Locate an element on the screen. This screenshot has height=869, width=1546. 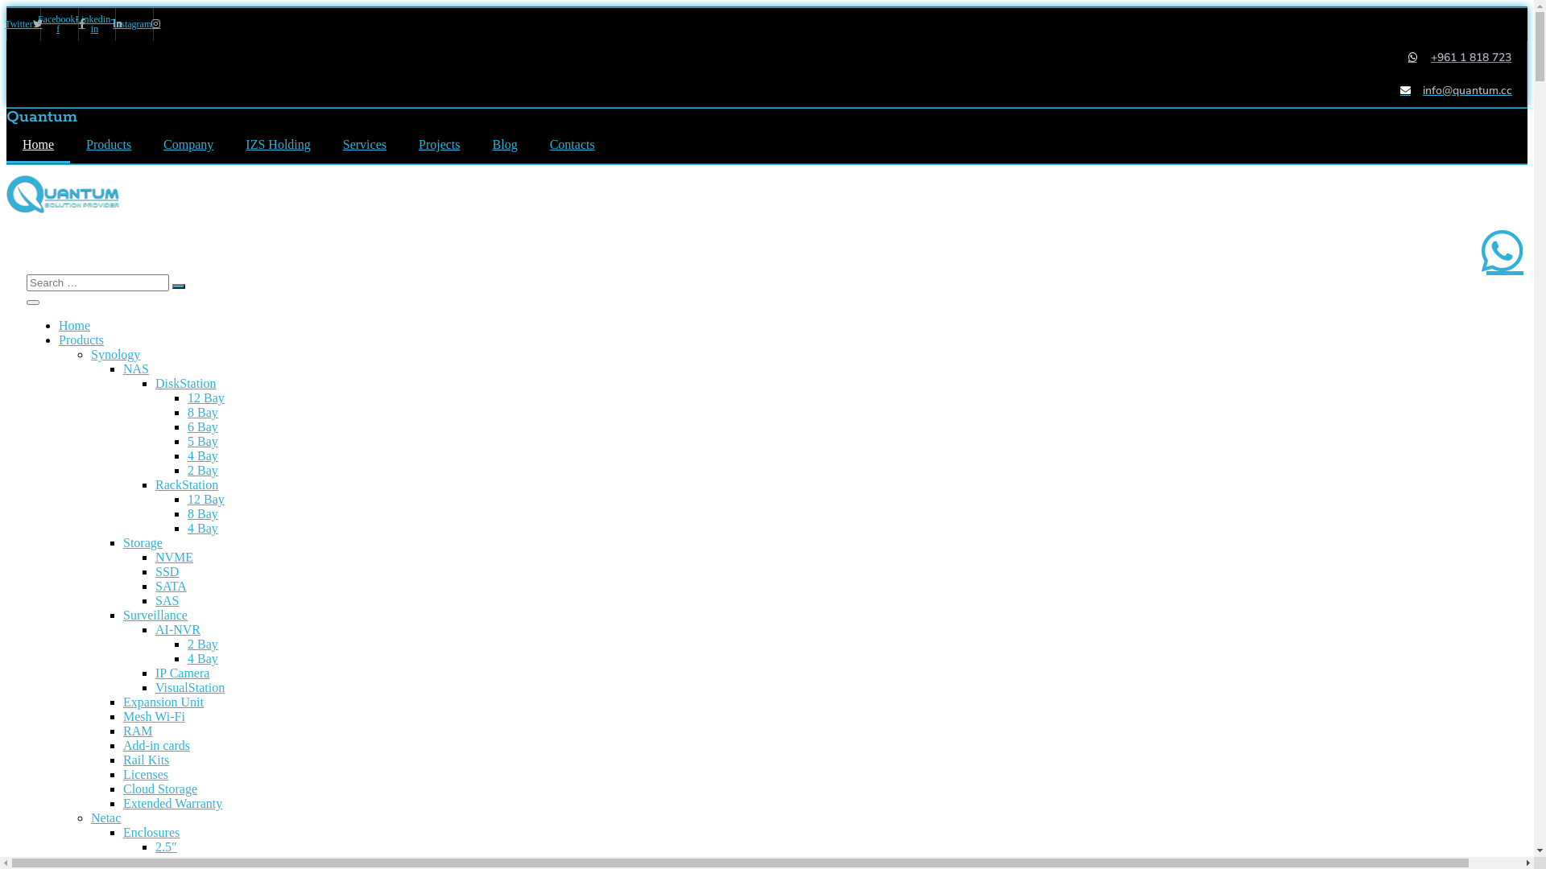
'4 Bay' is located at coordinates (202, 455).